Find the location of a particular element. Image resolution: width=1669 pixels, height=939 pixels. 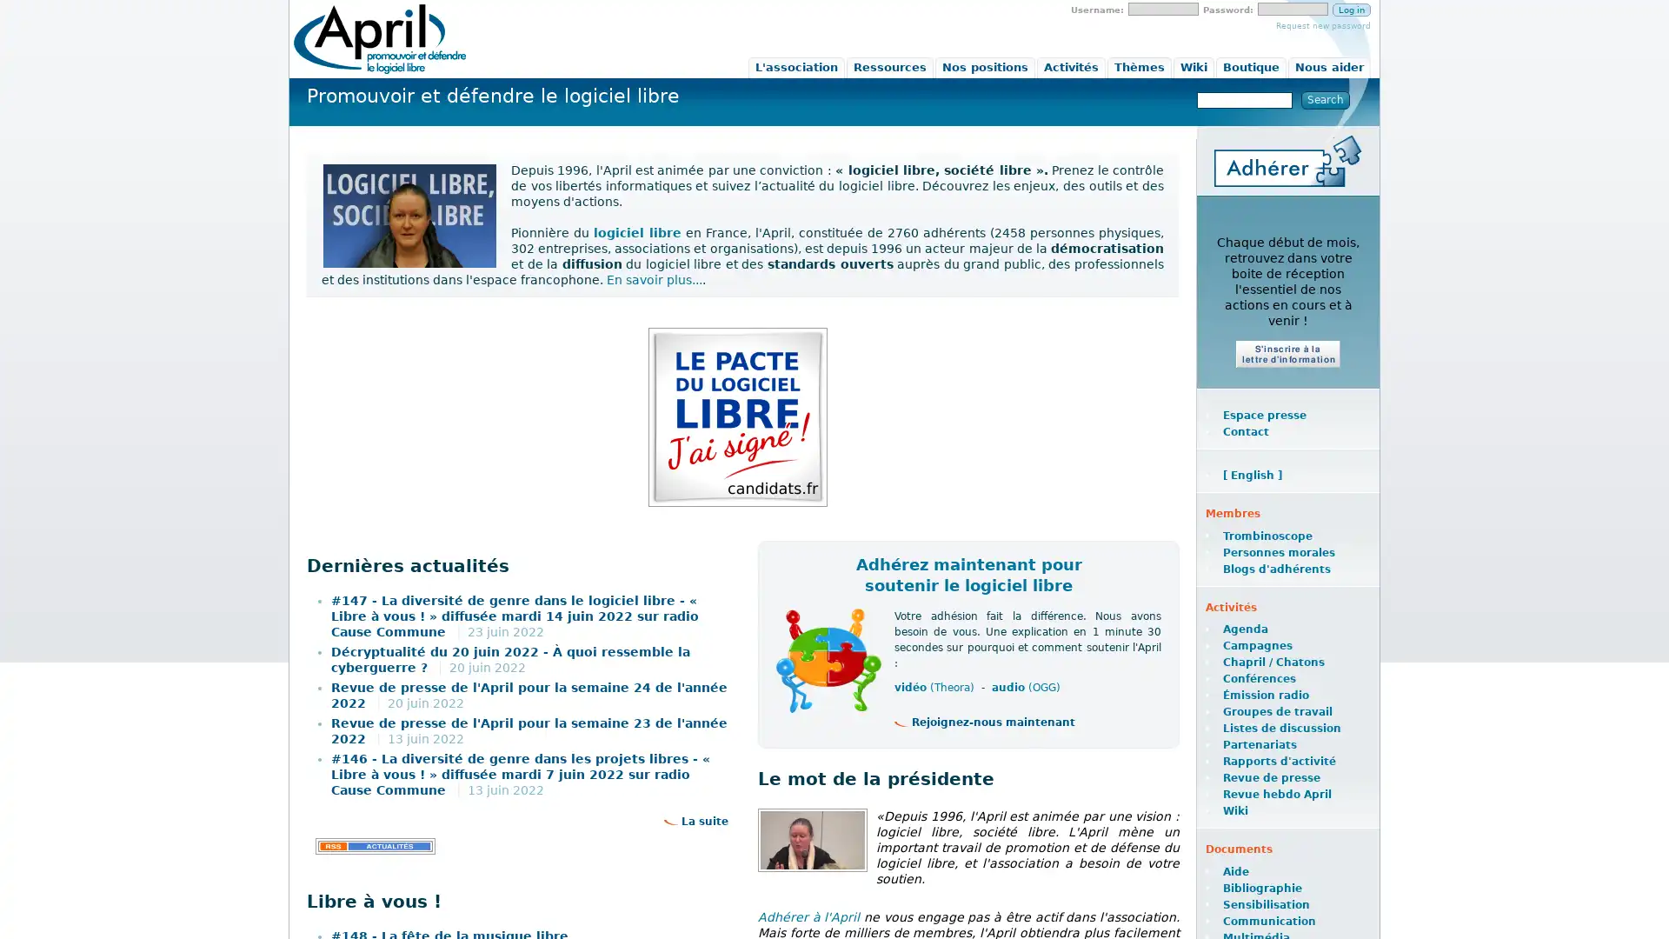

Search is located at coordinates (1325, 100).